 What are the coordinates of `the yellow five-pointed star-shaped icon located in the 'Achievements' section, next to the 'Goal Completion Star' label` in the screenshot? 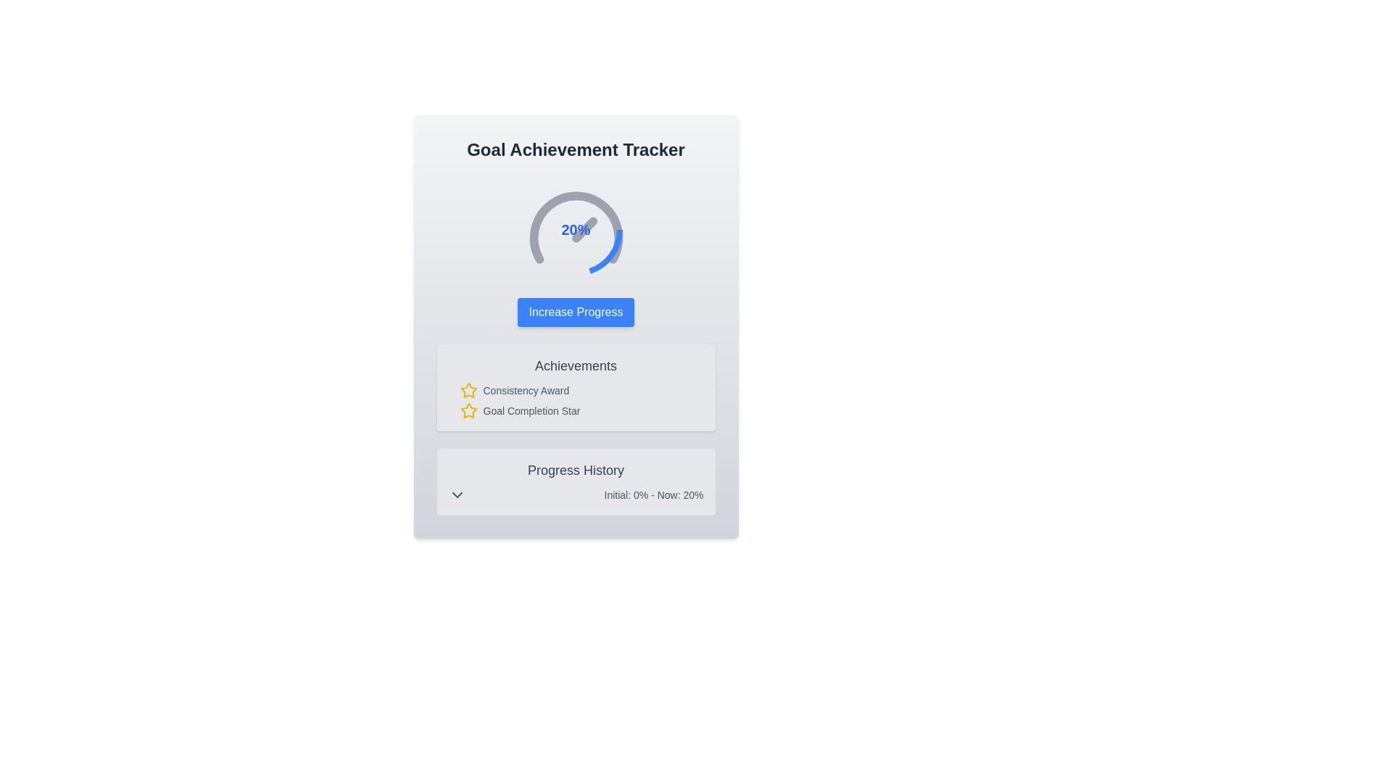 It's located at (468, 389).